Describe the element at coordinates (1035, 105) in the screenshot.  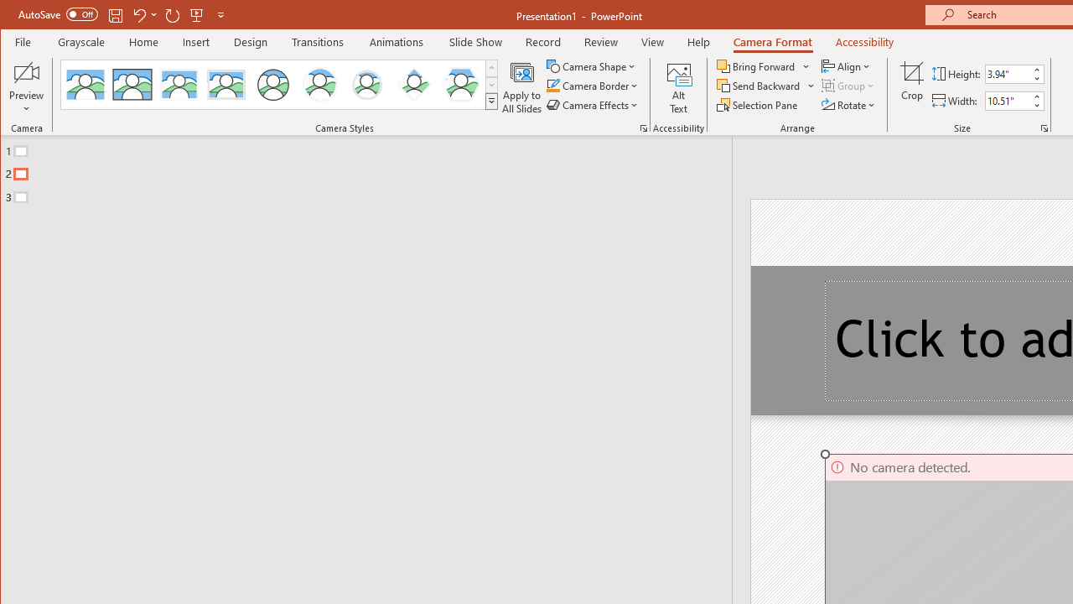
I see `'Less'` at that location.